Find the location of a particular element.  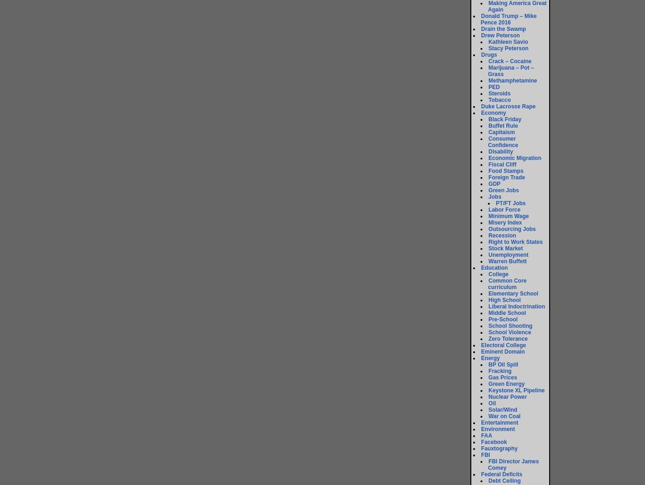

'Education' is located at coordinates (494, 267).